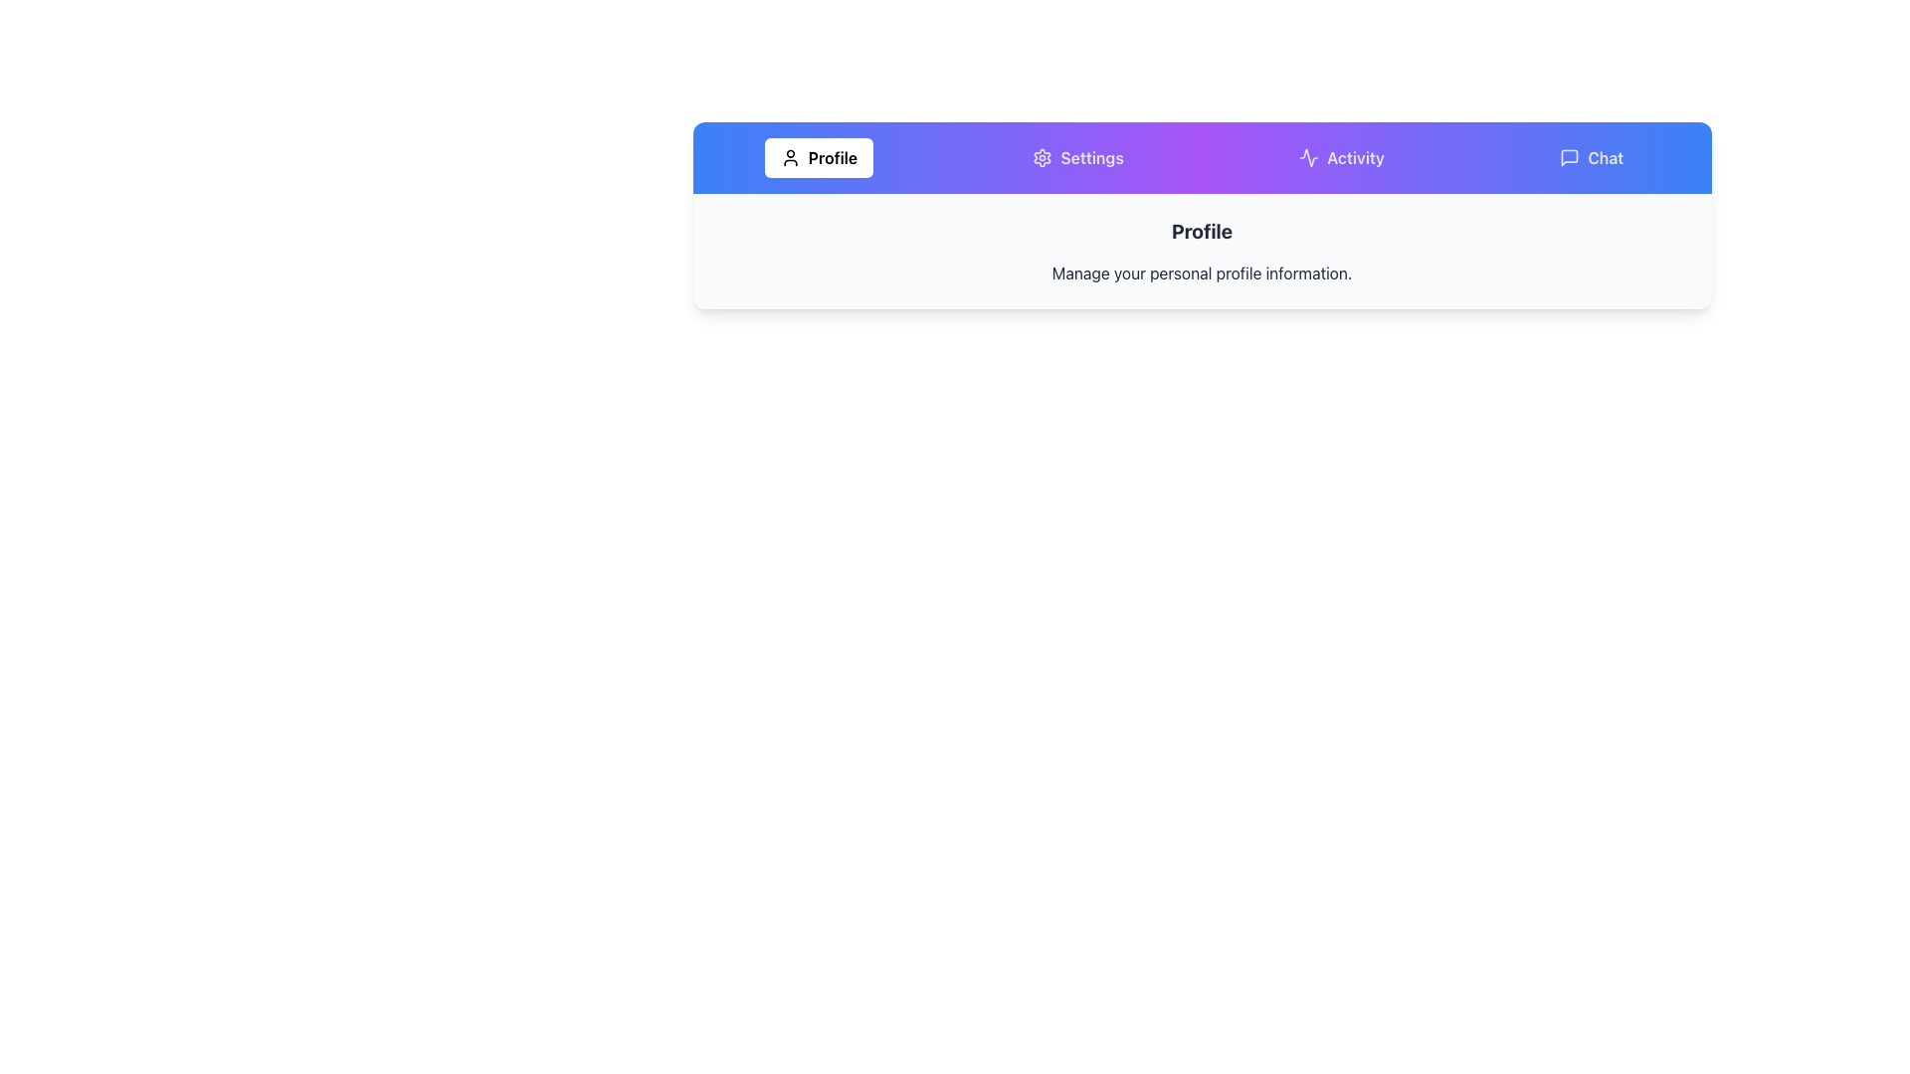  I want to click on the activity chart icon located to the left of the 'Activity' text in the navigation bar, so click(1309, 156).